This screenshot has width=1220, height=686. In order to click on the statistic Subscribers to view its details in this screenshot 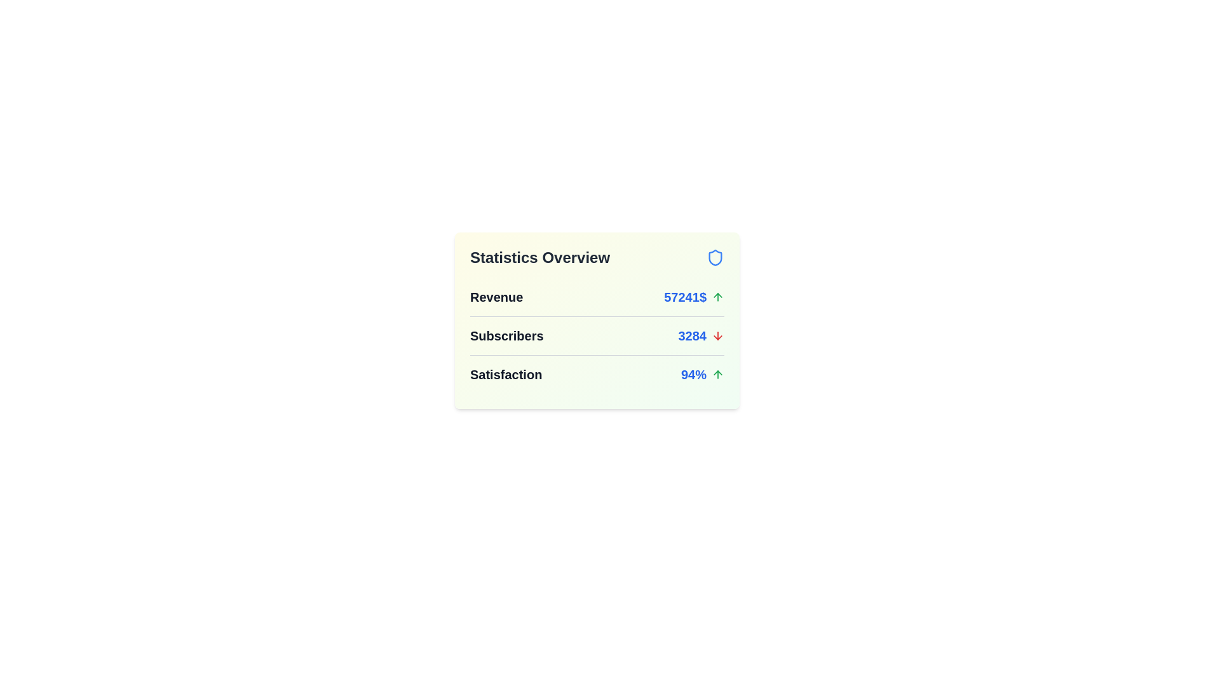, I will do `click(700, 335)`.